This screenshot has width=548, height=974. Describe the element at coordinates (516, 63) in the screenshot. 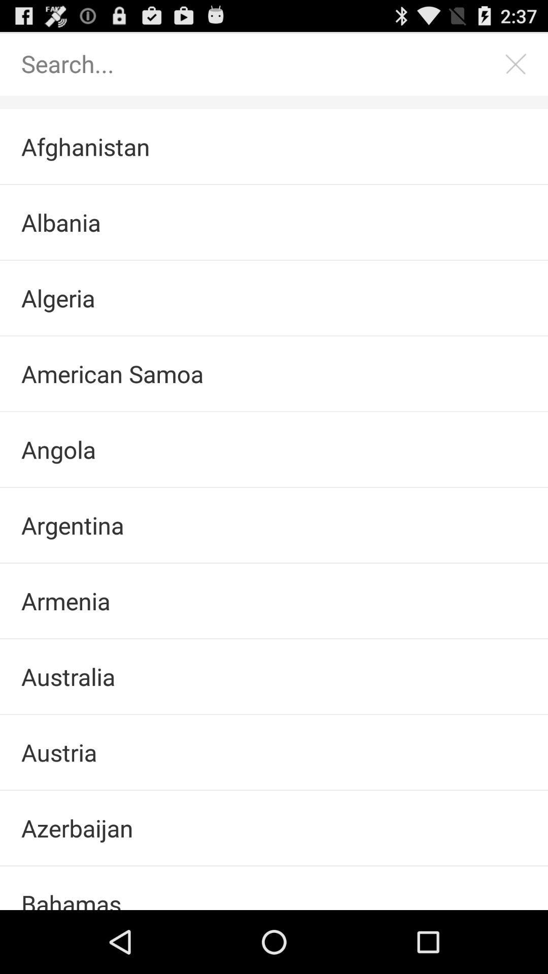

I see `search bar close button` at that location.